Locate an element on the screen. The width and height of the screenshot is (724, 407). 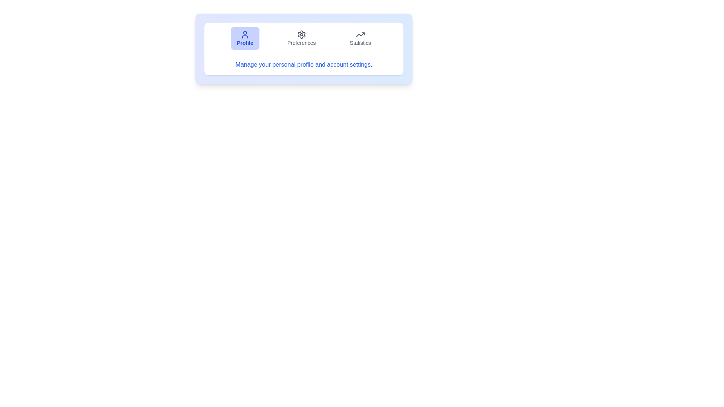
the Preferences tab by clicking on its button is located at coordinates (301, 38).